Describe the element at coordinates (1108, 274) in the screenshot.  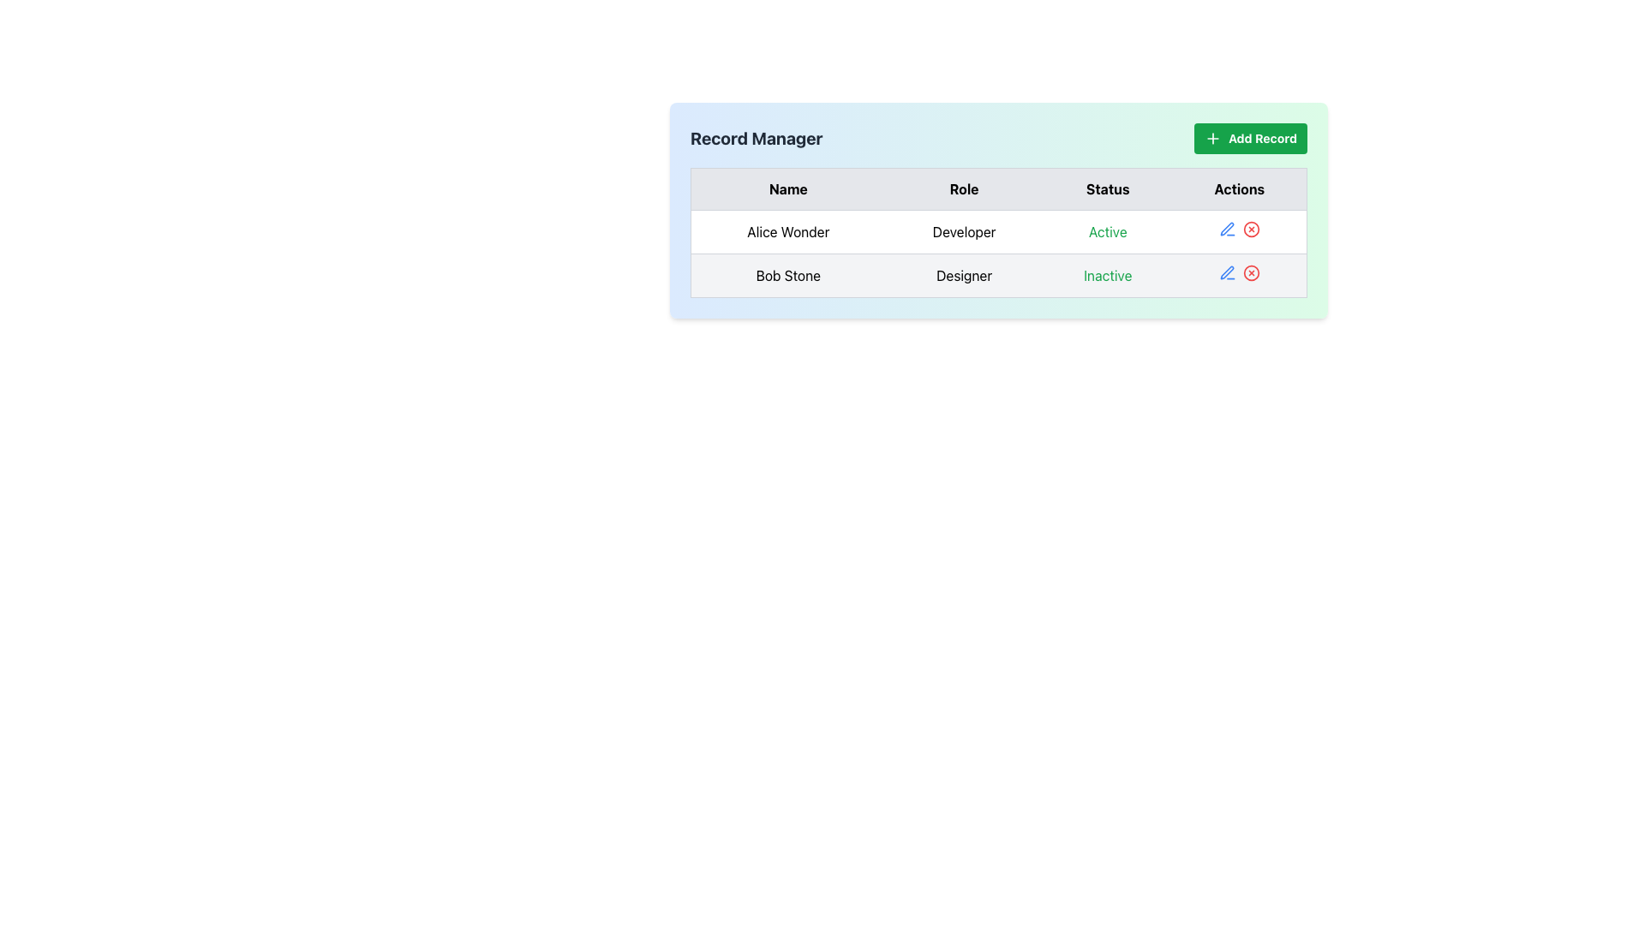
I see `the text label displaying 'Inactive' in green text located in the 'Status' column of the row for 'Bob Stone' under the 'Record Manager' header` at that location.